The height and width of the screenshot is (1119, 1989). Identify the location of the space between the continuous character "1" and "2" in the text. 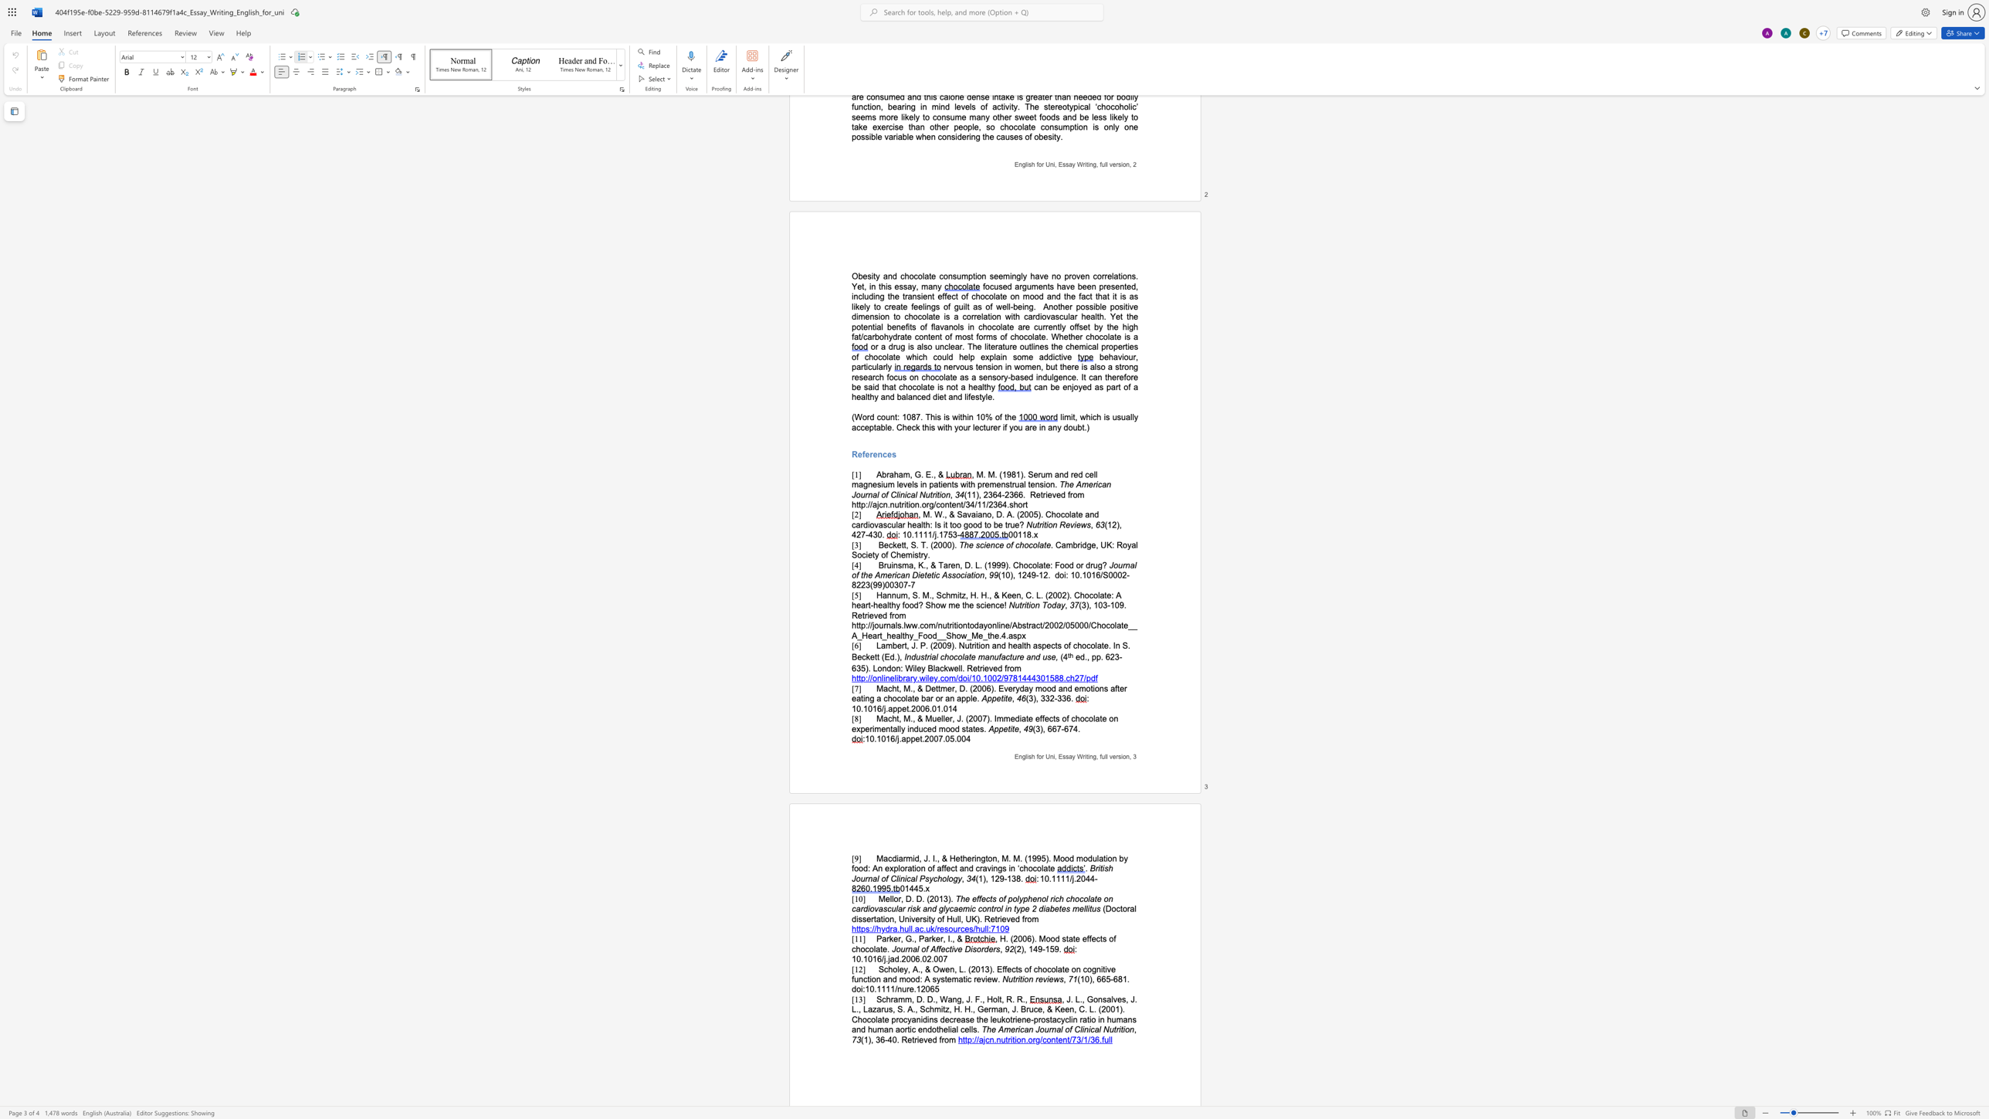
(994, 878).